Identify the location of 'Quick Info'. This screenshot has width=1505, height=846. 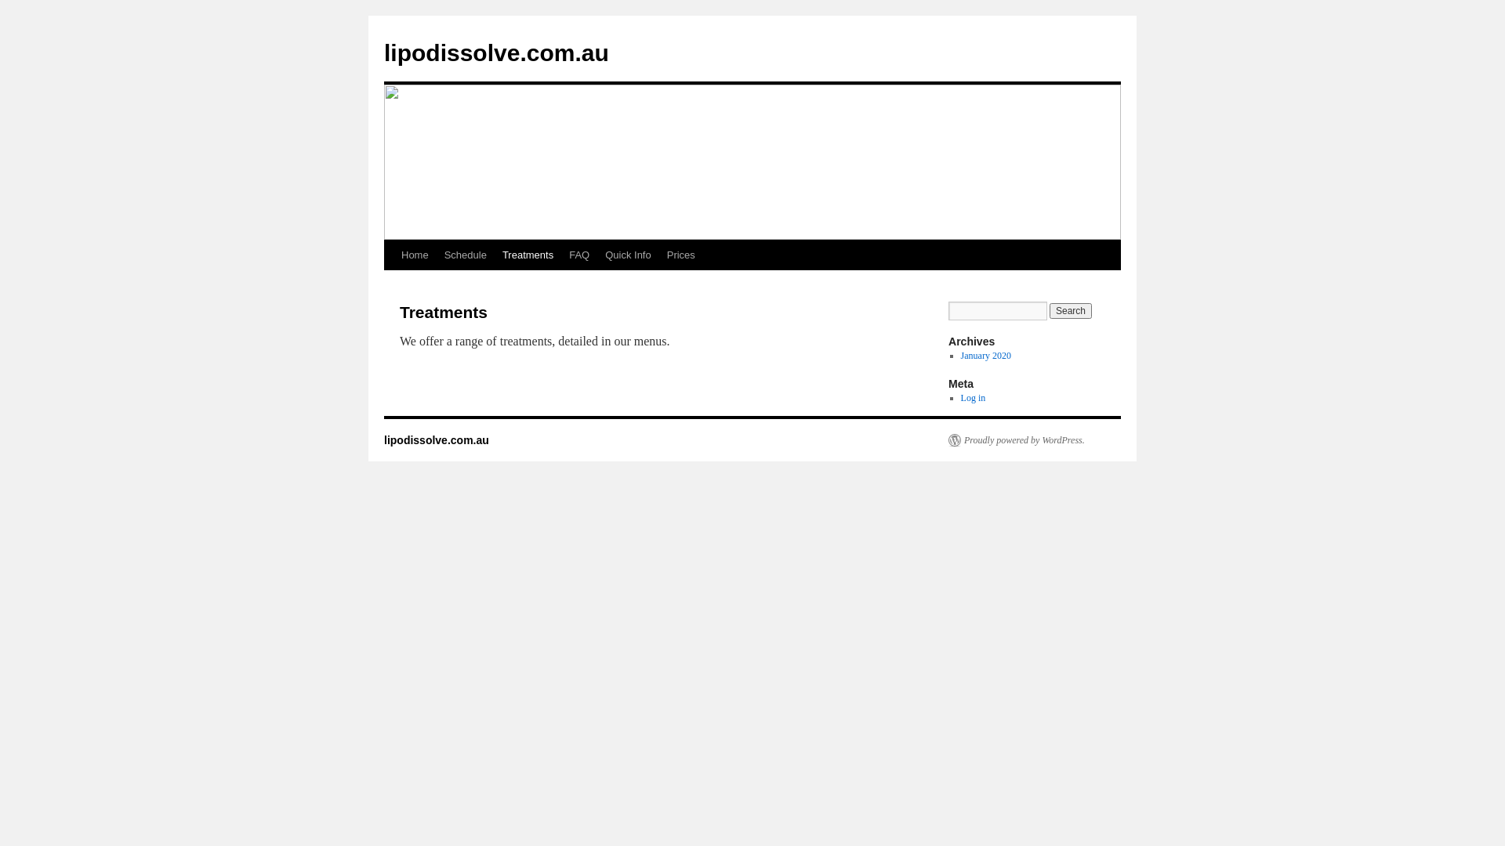
(628, 255).